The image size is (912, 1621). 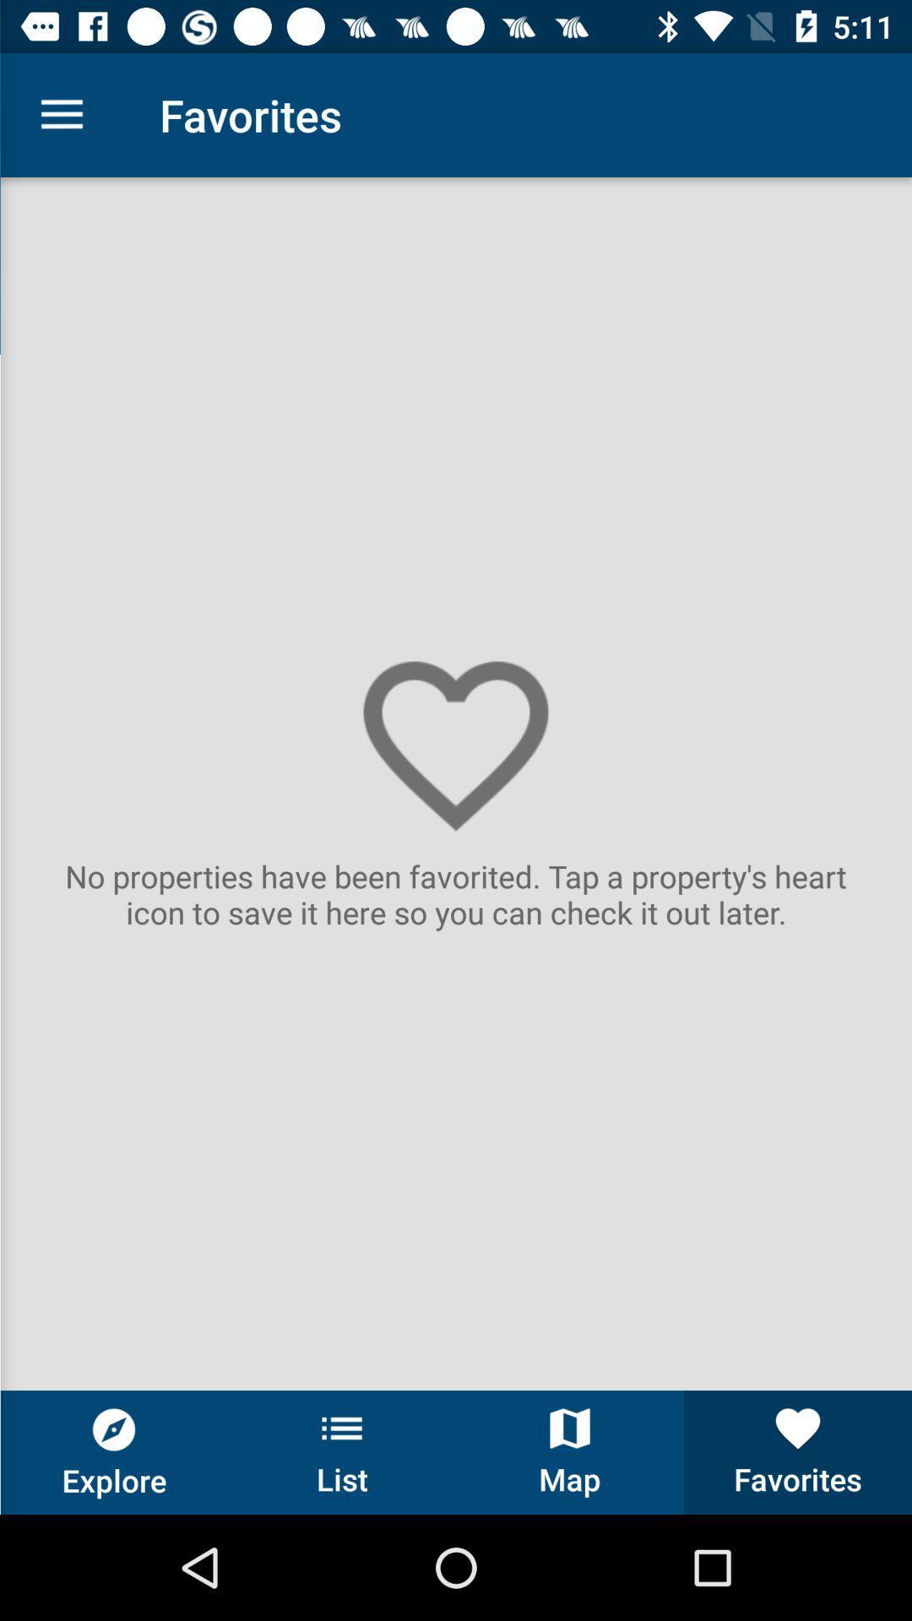 I want to click on the explore button, so click(x=114, y=1451).